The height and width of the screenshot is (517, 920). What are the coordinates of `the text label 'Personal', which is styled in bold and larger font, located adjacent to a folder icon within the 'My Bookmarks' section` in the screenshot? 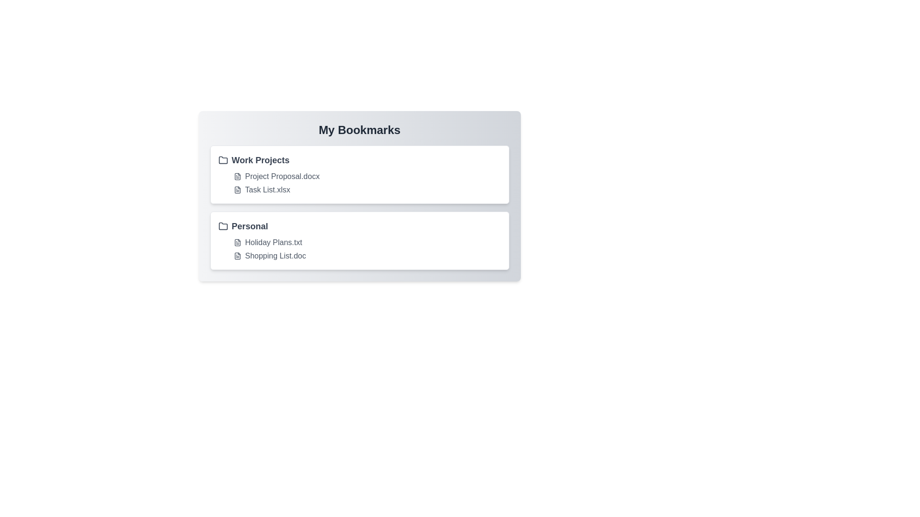 It's located at (250, 226).